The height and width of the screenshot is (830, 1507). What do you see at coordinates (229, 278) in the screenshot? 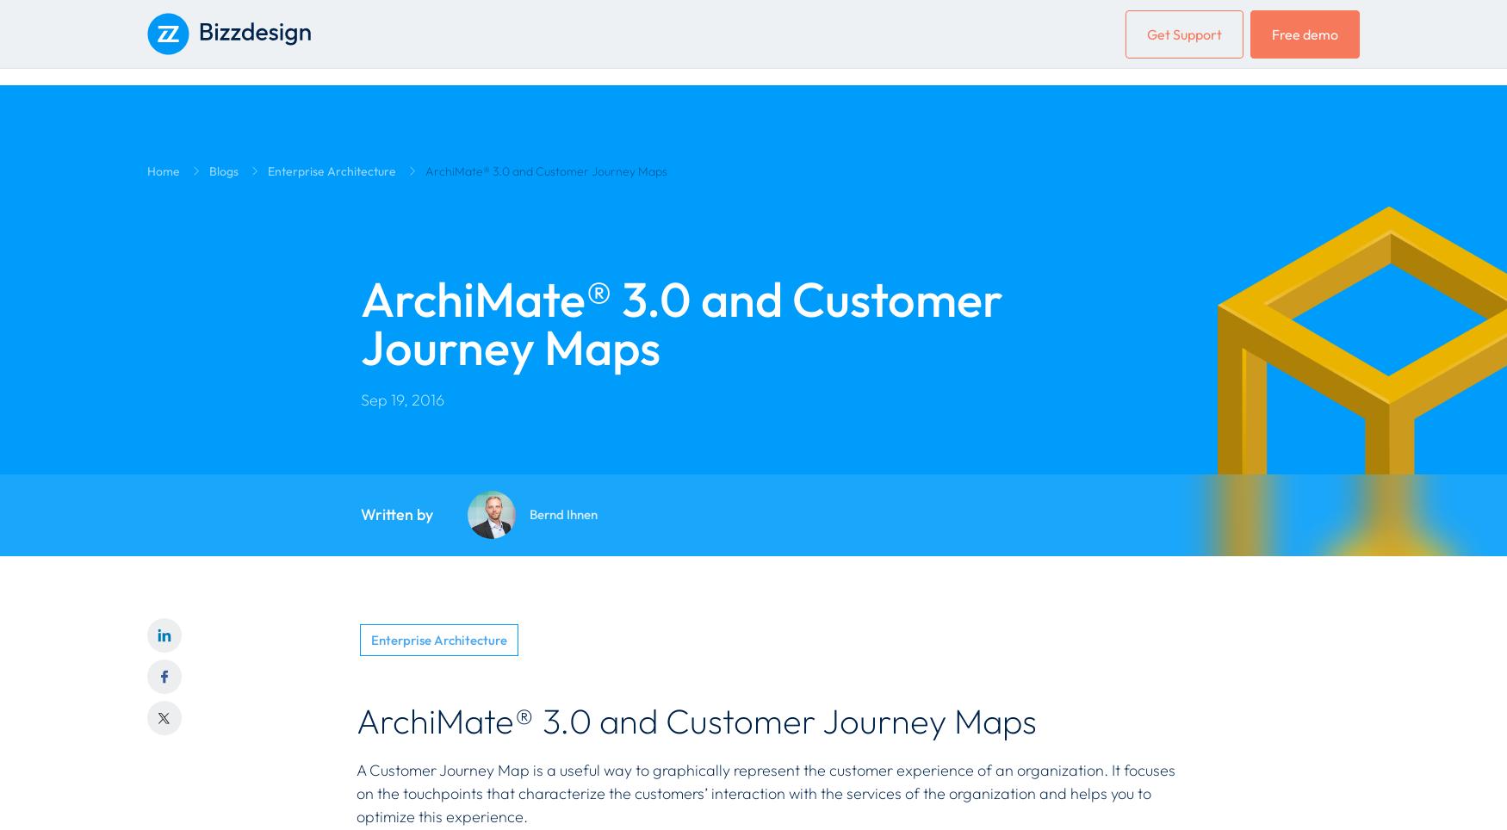
I see `'Bizzdesign Horizzon Demos'` at bounding box center [229, 278].